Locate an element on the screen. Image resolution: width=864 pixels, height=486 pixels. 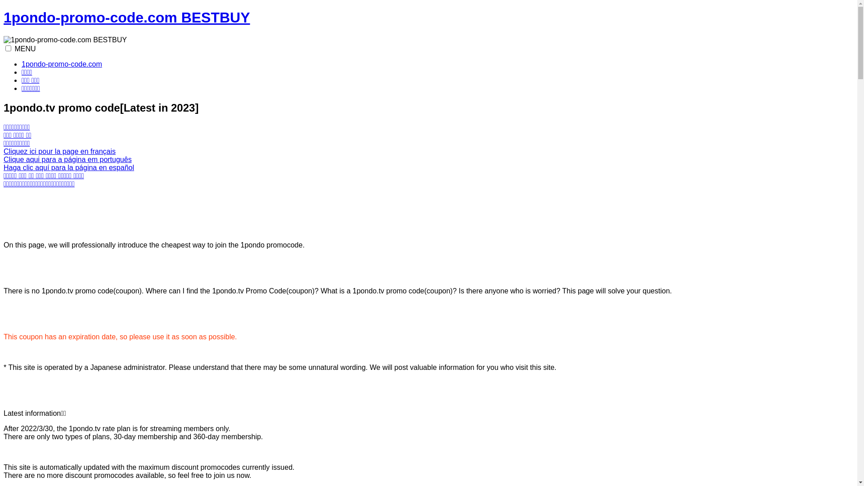
'1pondo-promo-code.com BESTBUY' is located at coordinates (126, 17).